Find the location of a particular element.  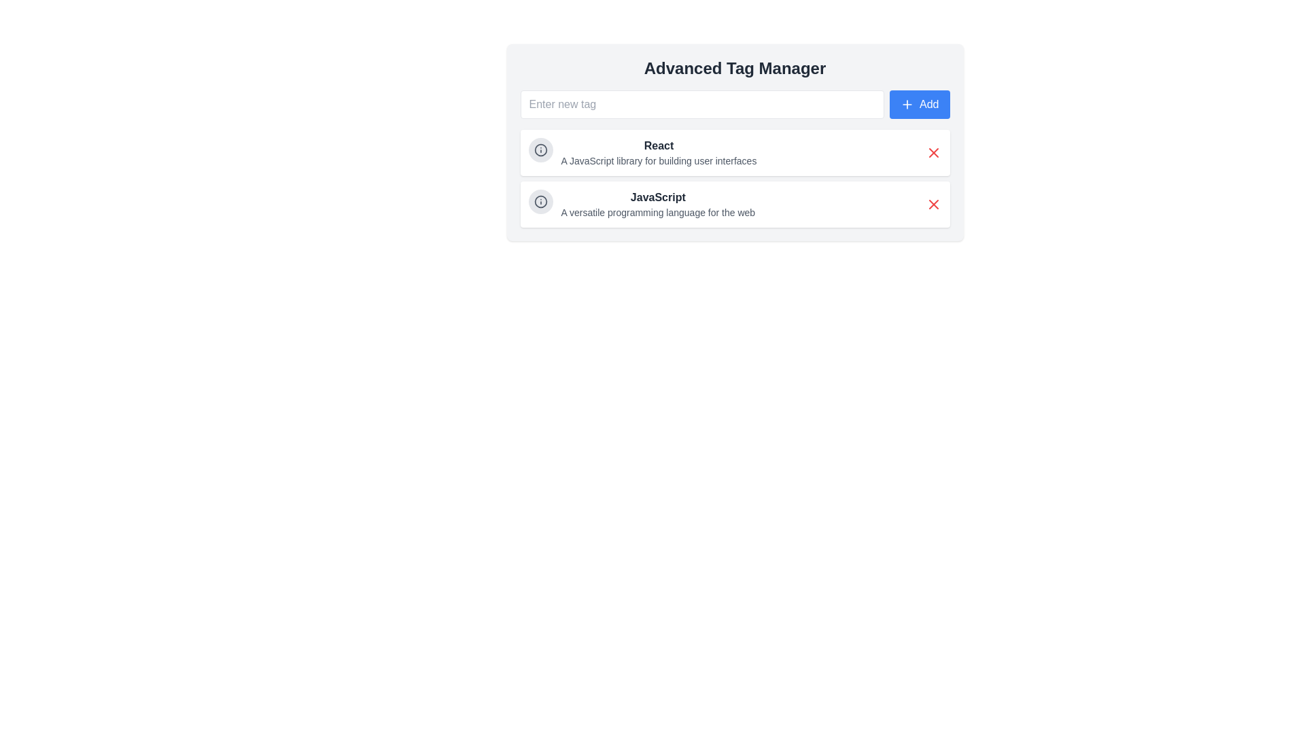

the text description of 'React' which consists of a bold heading and a brief subtext is located at coordinates (642, 152).